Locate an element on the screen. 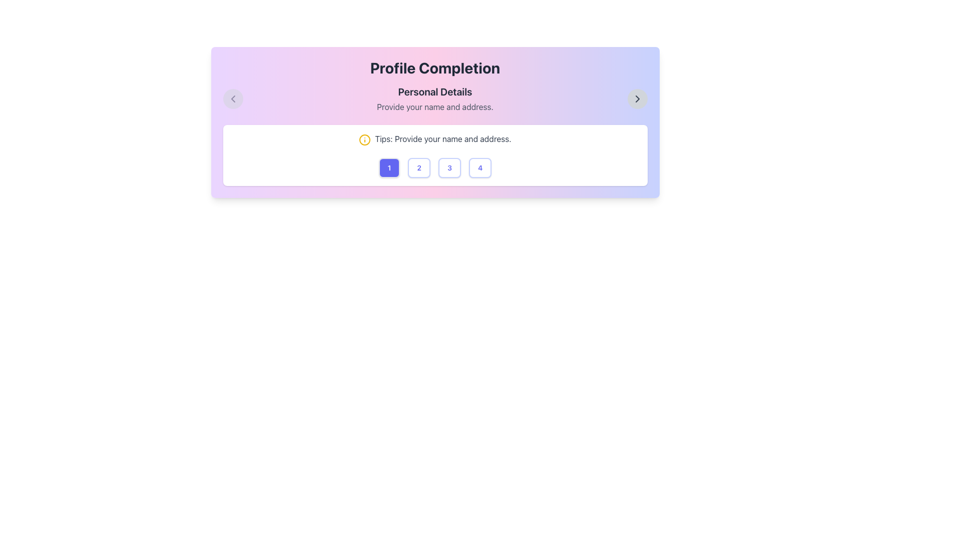  the forward navigation button located near the top-right corner of the highlighted section, adjacent to the 'Profile Completion' text is located at coordinates (637, 98).